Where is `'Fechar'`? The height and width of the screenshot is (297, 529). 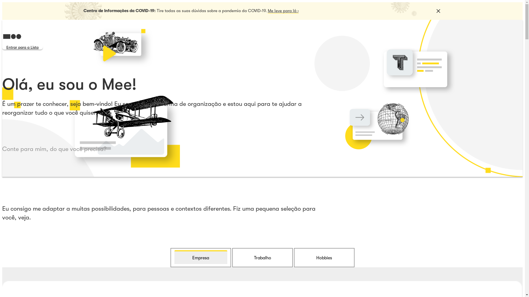 'Fechar' is located at coordinates (438, 11).